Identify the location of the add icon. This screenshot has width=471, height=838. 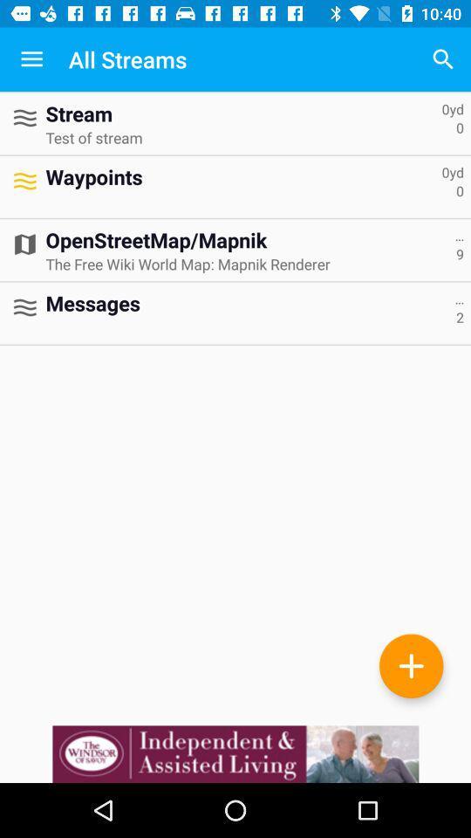
(411, 665).